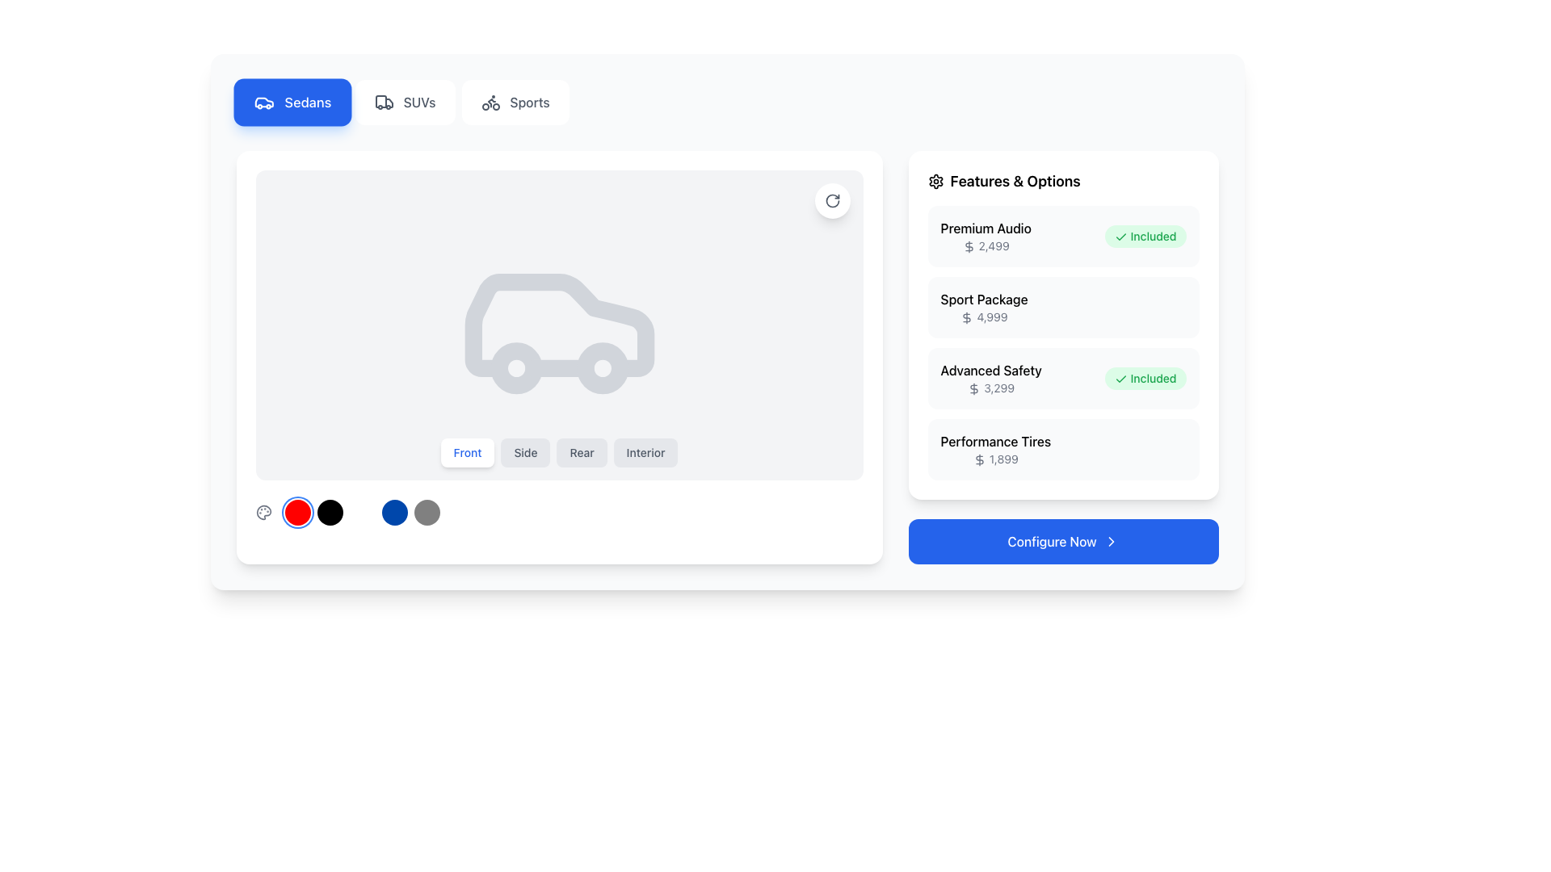 This screenshot has height=872, width=1551. What do you see at coordinates (515, 368) in the screenshot?
I see `the small circular shape which acts as a visual indicator near the lower left wheel of the outlined car graphic within the SVG element` at bounding box center [515, 368].